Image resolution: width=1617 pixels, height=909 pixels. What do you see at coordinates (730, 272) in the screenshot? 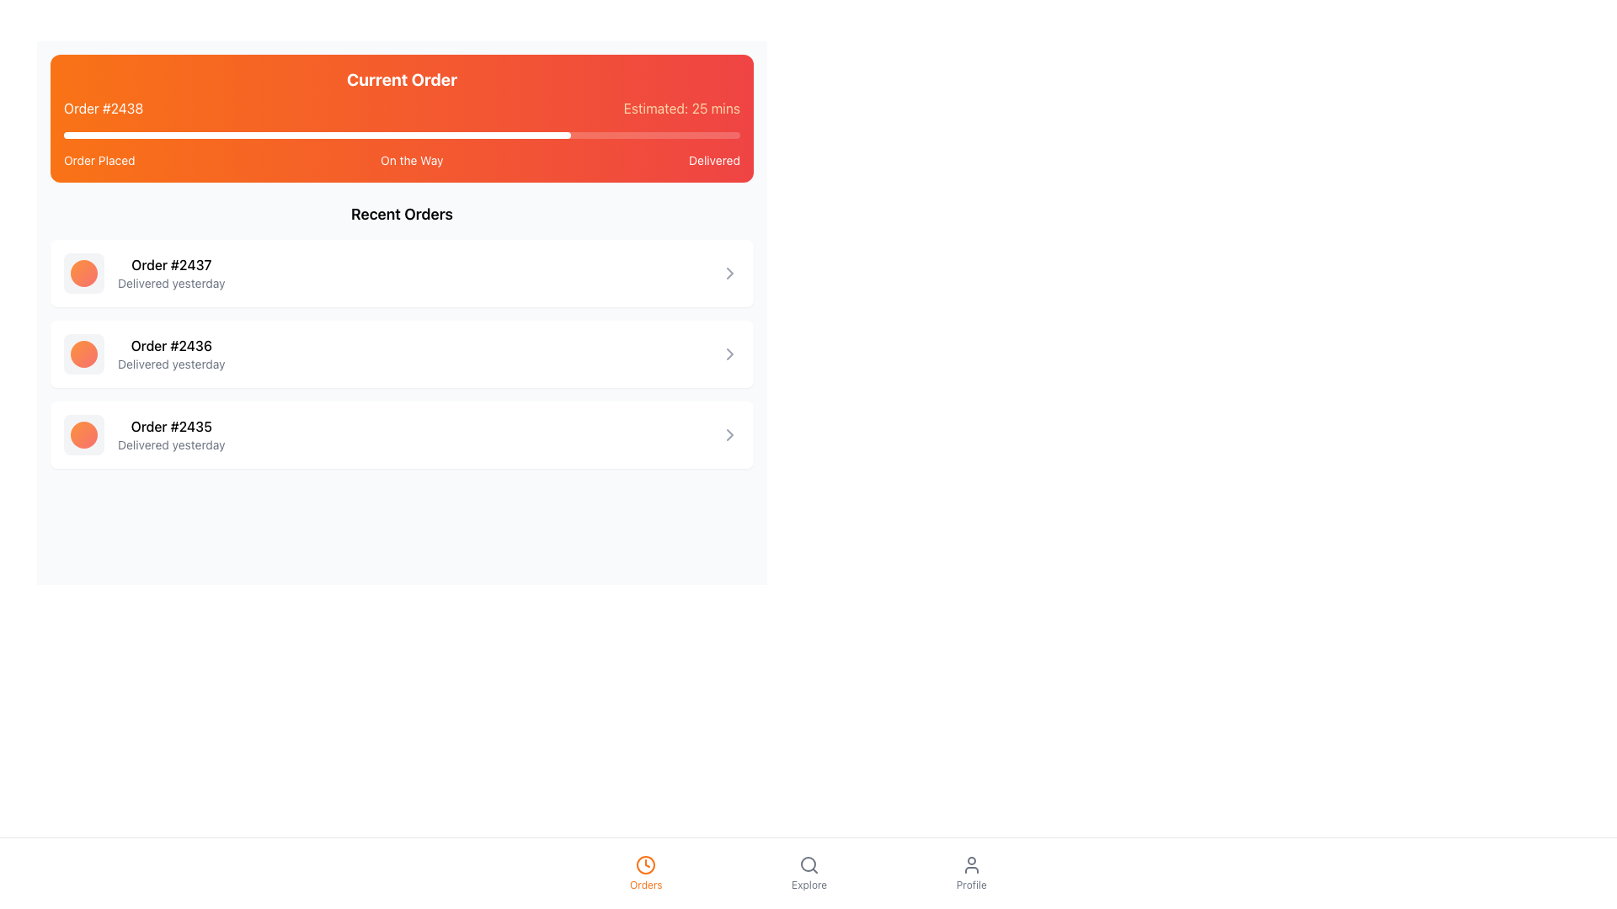
I see `the chevron icon on the far-right side of the 'Order #2437' section` at bounding box center [730, 272].